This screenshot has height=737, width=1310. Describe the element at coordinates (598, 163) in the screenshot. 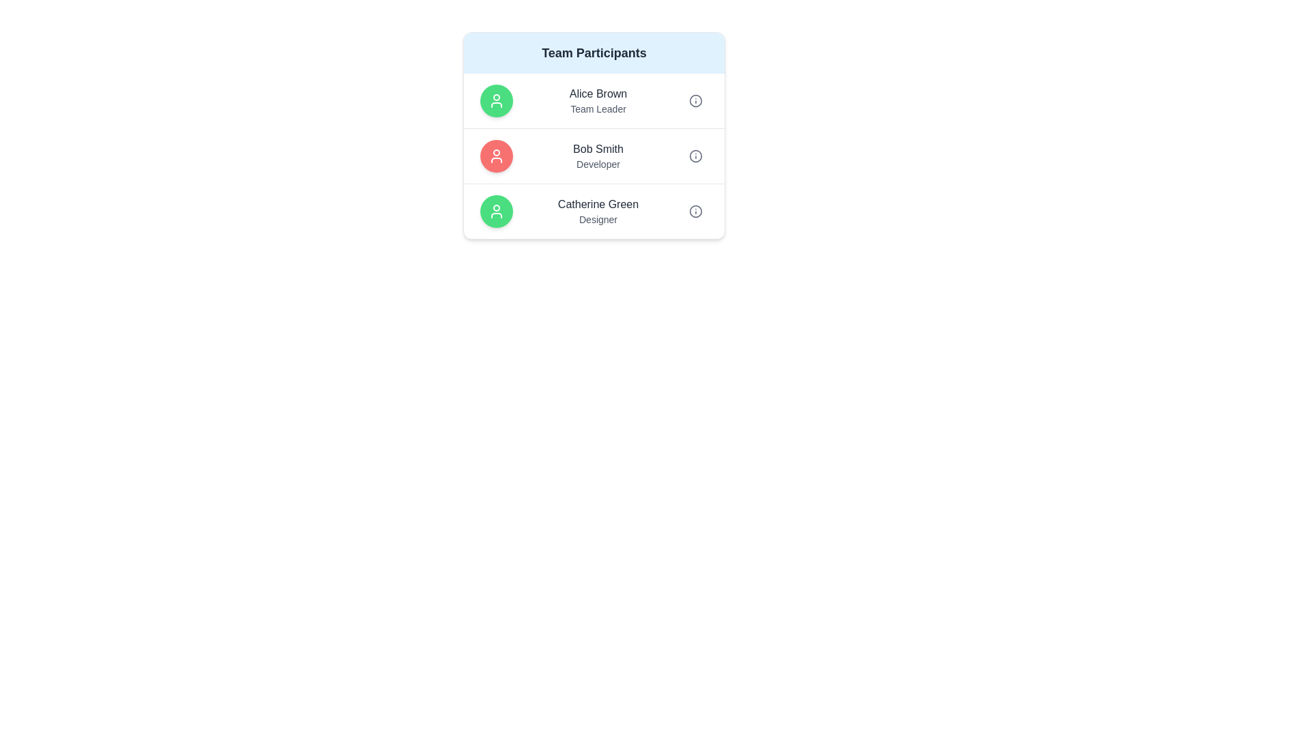

I see `the text label element displaying 'Developer', which is styled in a small, gray font and positioned directly beneath 'Bob Smith'` at that location.